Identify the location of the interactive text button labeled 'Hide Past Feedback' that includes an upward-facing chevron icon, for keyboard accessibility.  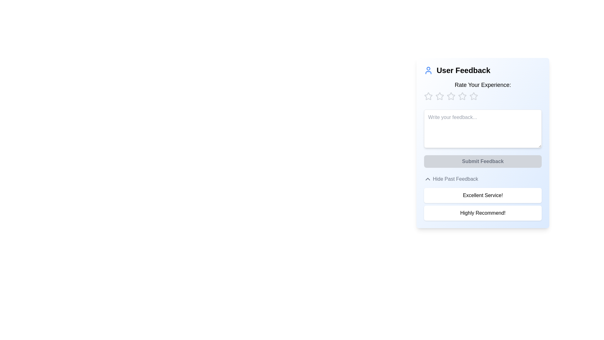
(451, 179).